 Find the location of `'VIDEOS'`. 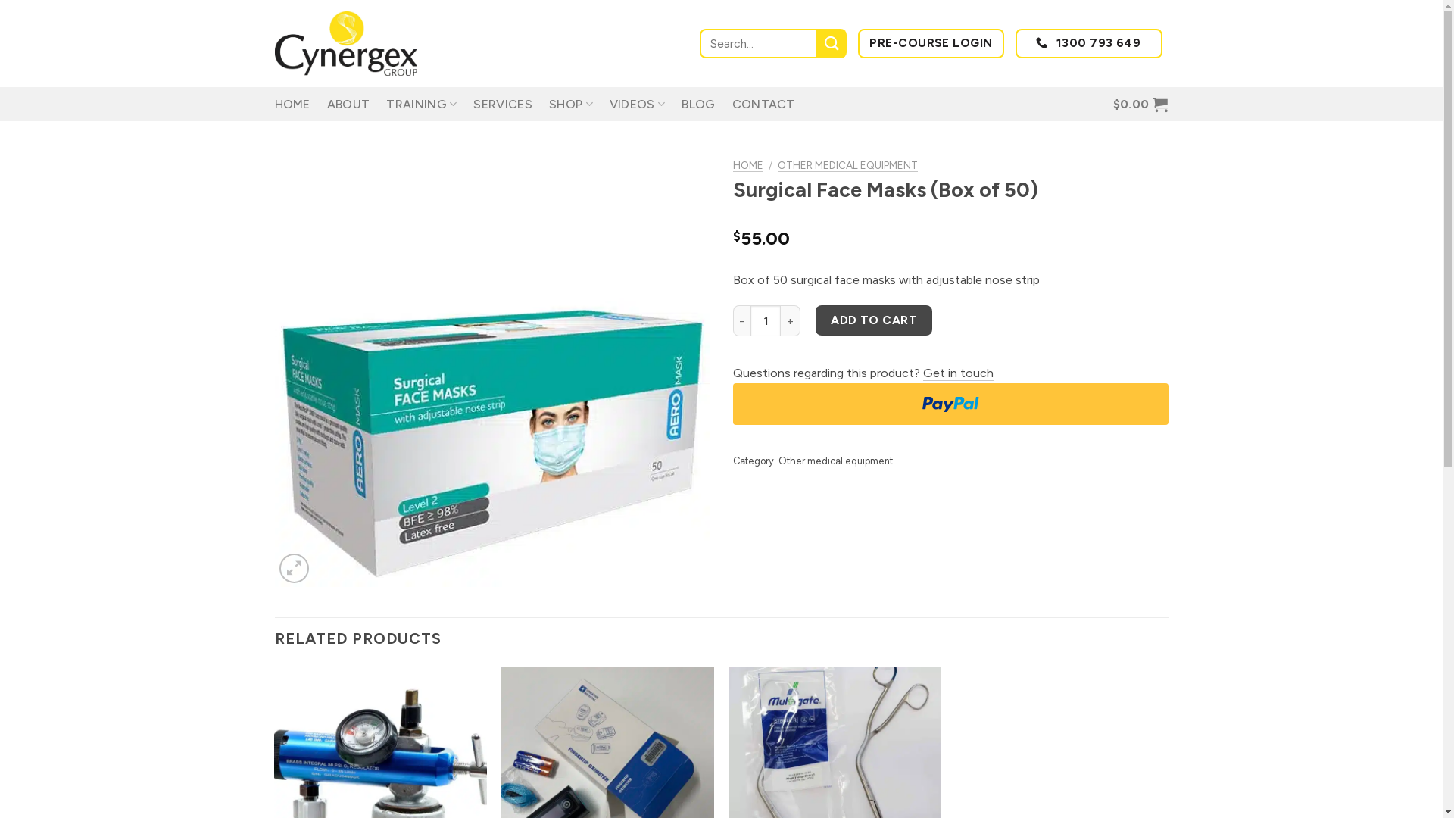

'VIDEOS' is located at coordinates (637, 103).